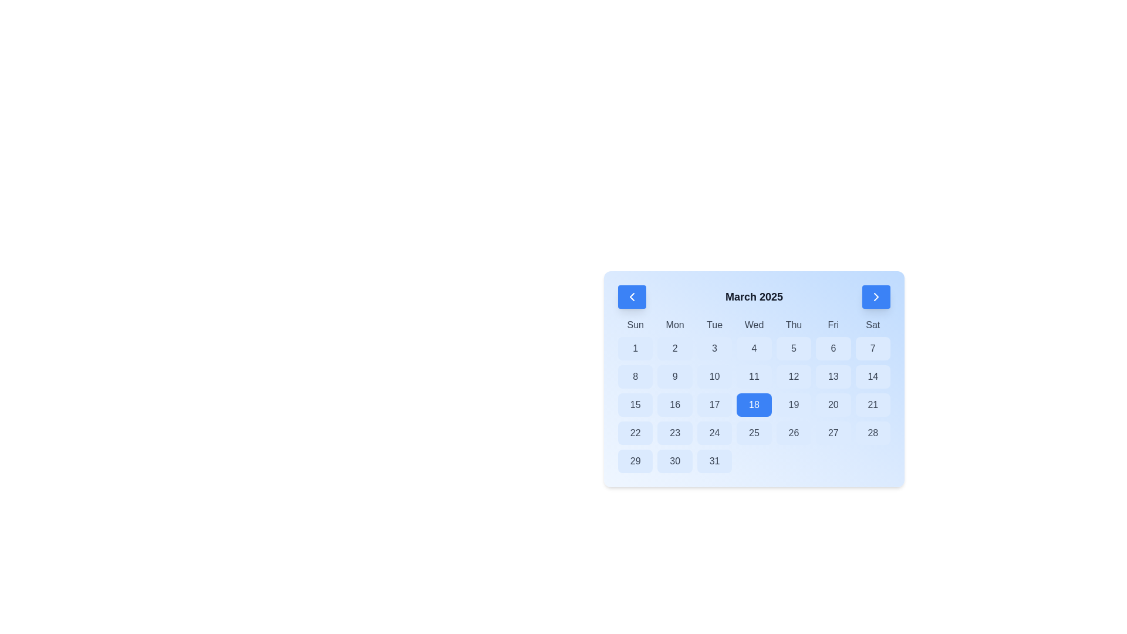  What do you see at coordinates (754, 296) in the screenshot?
I see `the text header displaying 'March 2025' which is prominently styled in black on a light blue background, located centrally at the upper section of the calendar interface` at bounding box center [754, 296].